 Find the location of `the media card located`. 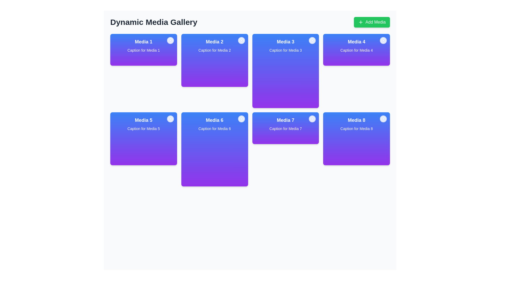

the media card located is located at coordinates (143, 138).